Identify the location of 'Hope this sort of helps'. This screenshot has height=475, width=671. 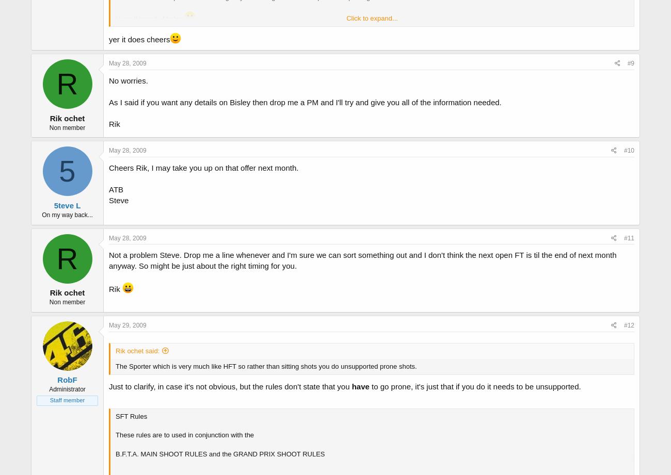
(150, 19).